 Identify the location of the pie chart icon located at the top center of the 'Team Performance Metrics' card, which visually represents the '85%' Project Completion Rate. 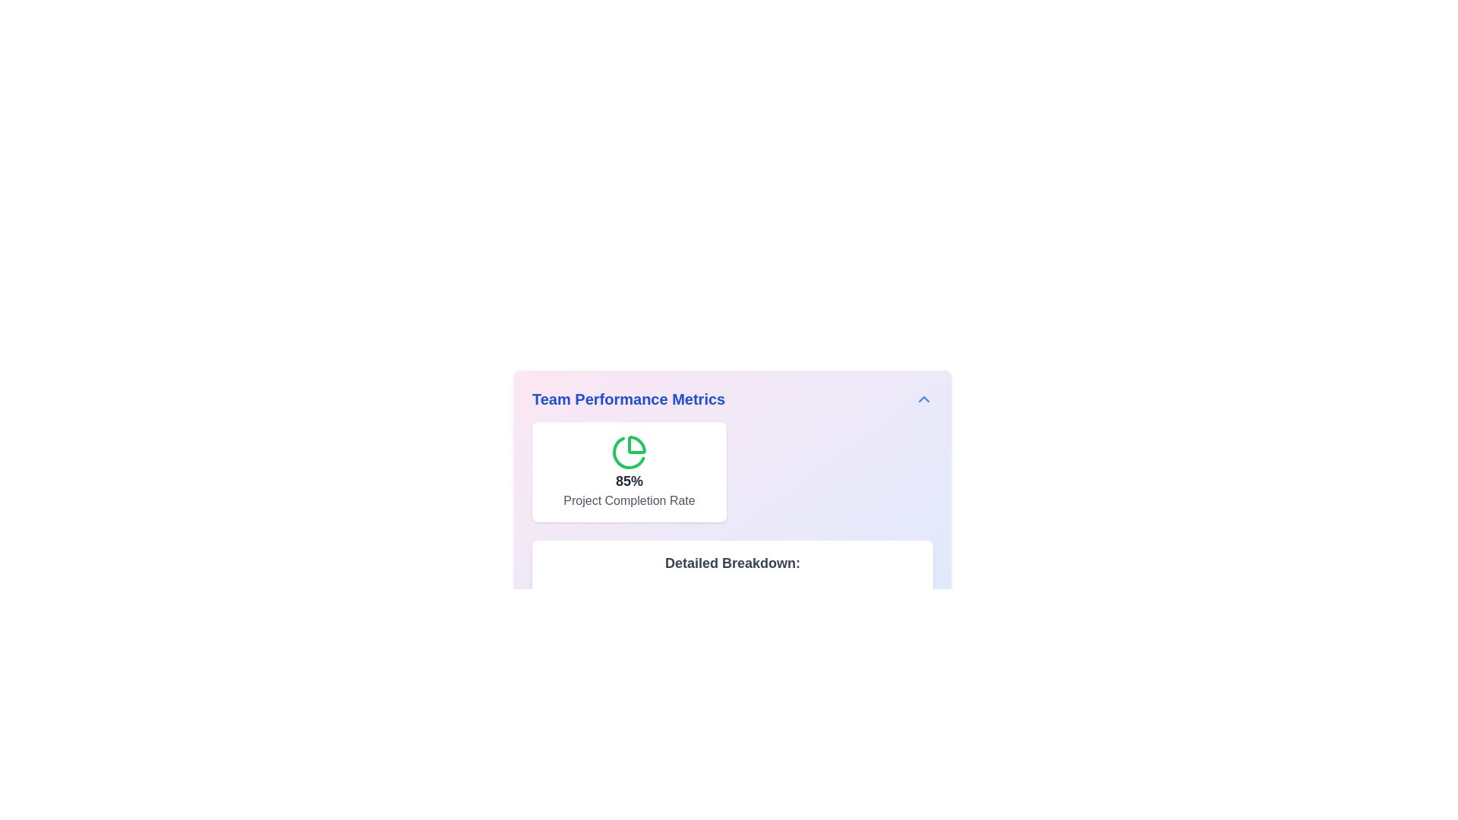
(630, 452).